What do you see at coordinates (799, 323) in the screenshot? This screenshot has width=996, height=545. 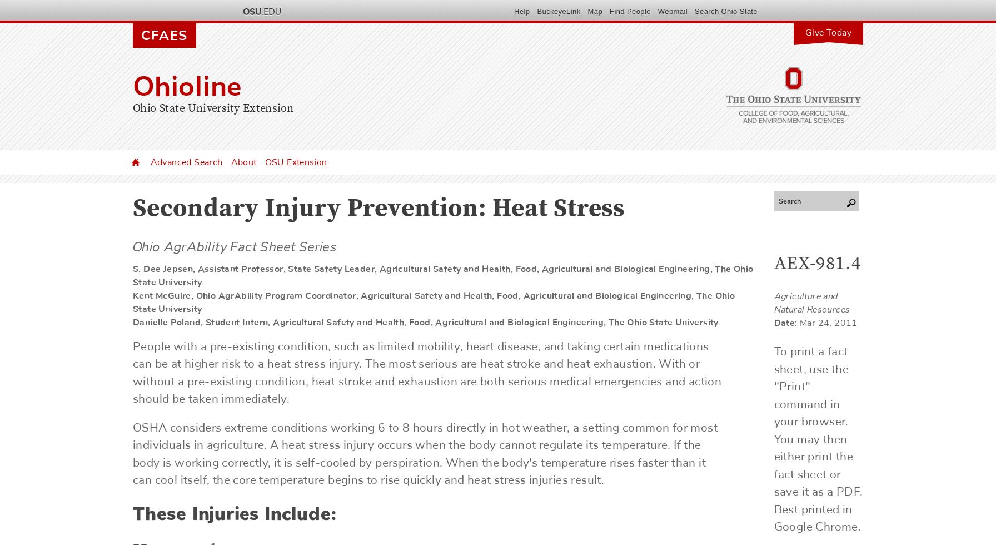 I see `'Mar 24, 2011'` at bounding box center [799, 323].